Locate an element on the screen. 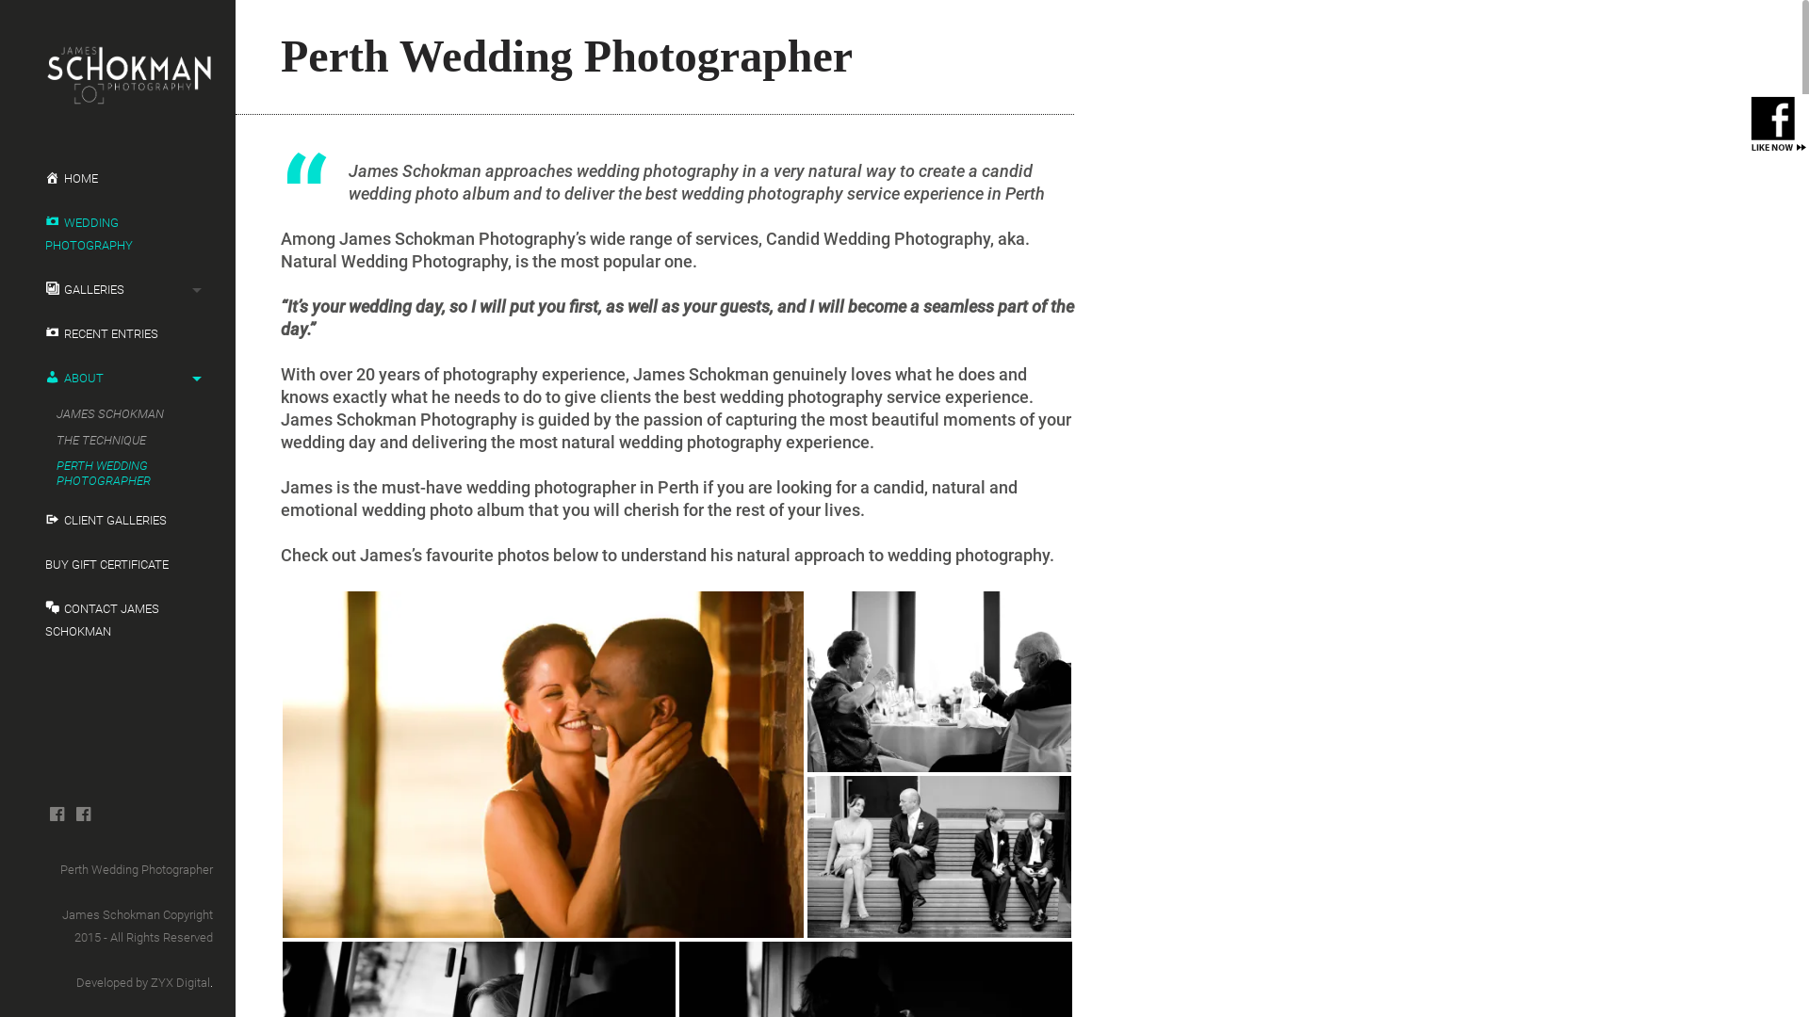  'GALLERIES' is located at coordinates (116, 290).